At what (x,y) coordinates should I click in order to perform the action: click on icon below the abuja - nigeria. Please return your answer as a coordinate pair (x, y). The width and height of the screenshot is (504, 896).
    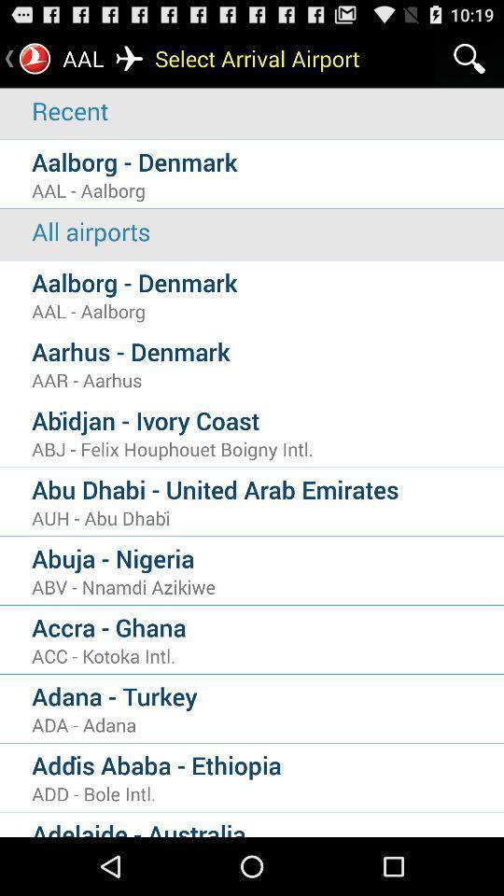
    Looking at the image, I should click on (267, 586).